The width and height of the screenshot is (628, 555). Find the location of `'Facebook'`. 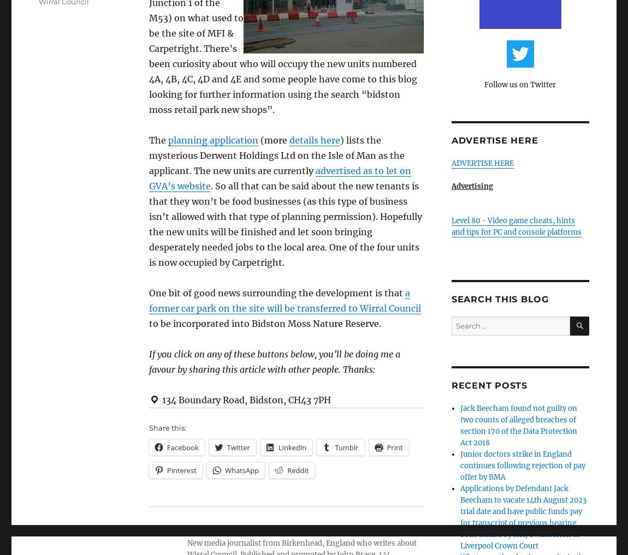

'Facebook' is located at coordinates (182, 447).